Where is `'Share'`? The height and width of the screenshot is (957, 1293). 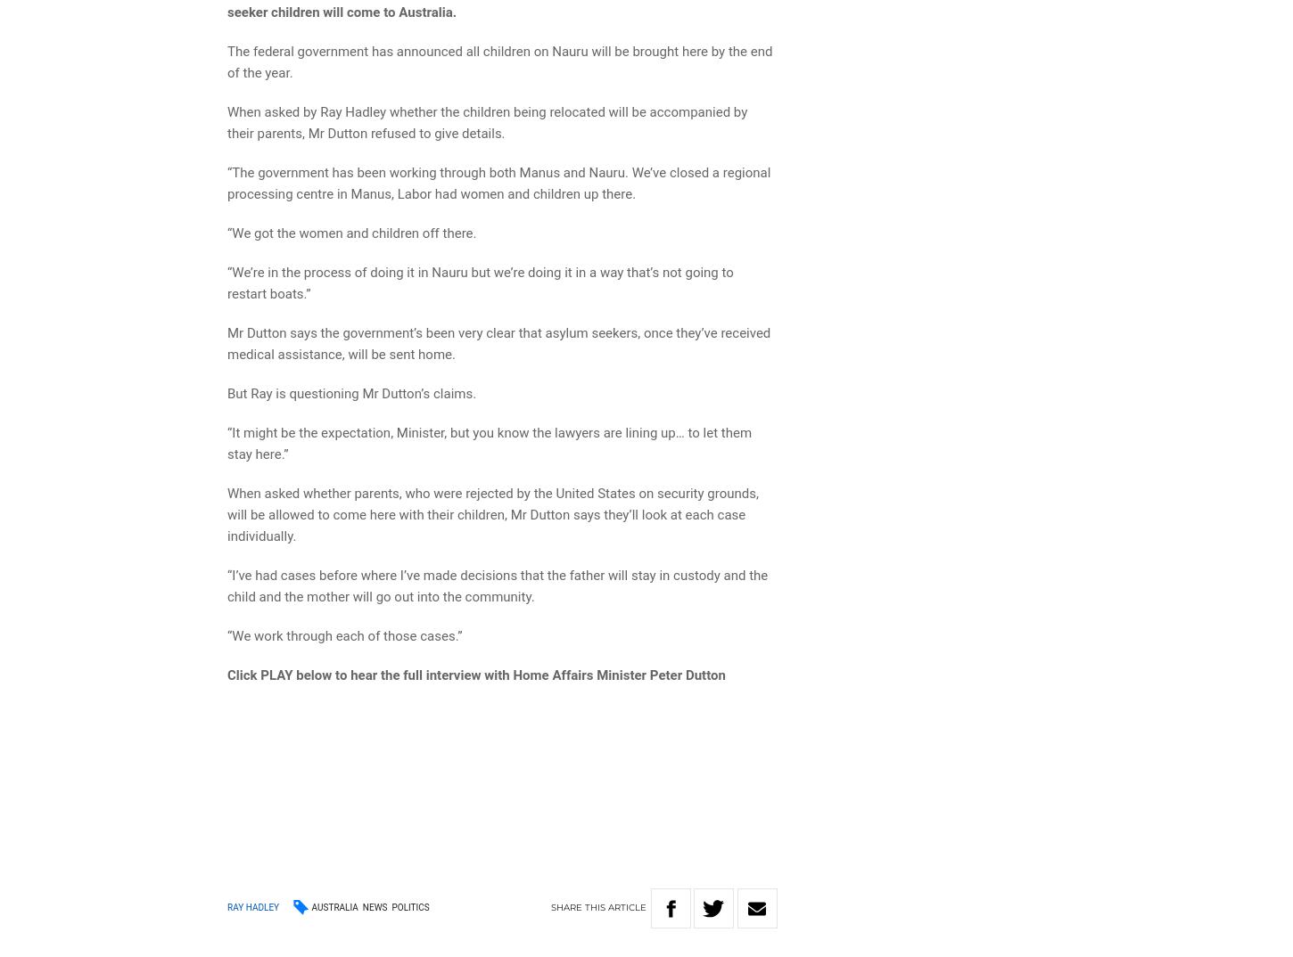
'Share' is located at coordinates (548, 906).